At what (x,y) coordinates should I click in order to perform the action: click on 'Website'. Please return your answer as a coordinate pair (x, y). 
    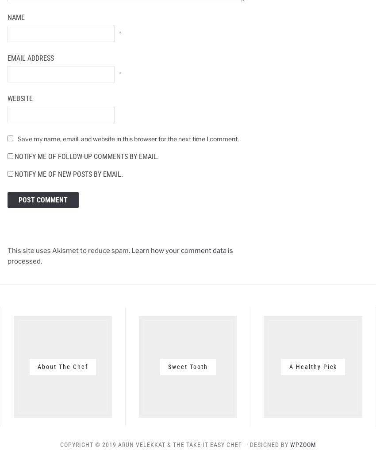
    Looking at the image, I should click on (20, 98).